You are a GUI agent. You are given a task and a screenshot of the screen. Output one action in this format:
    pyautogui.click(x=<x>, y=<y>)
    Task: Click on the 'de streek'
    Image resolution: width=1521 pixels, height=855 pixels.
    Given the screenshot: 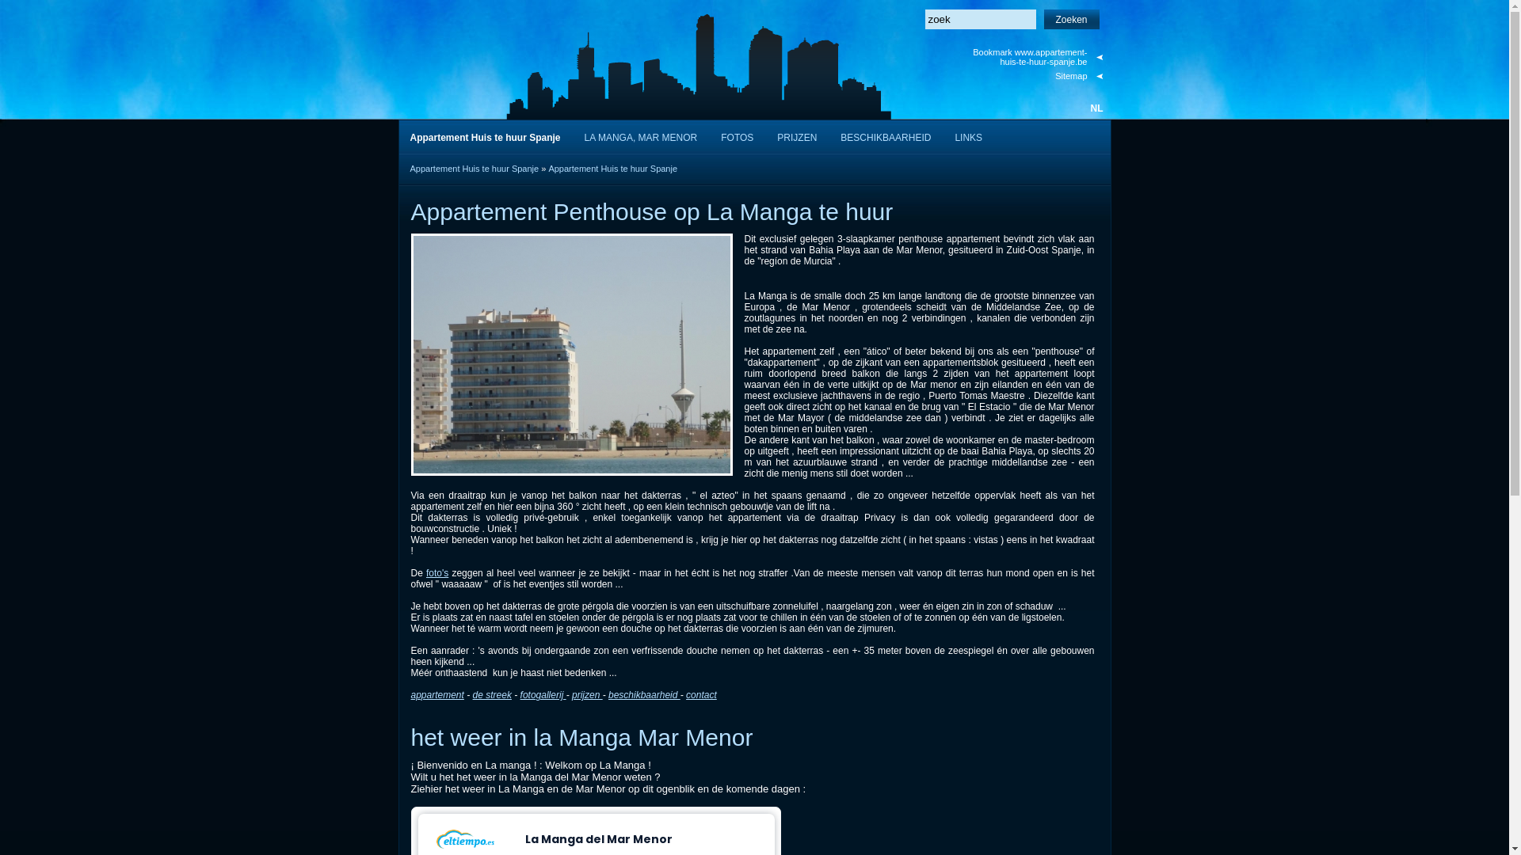 What is the action you would take?
    pyautogui.click(x=471, y=694)
    